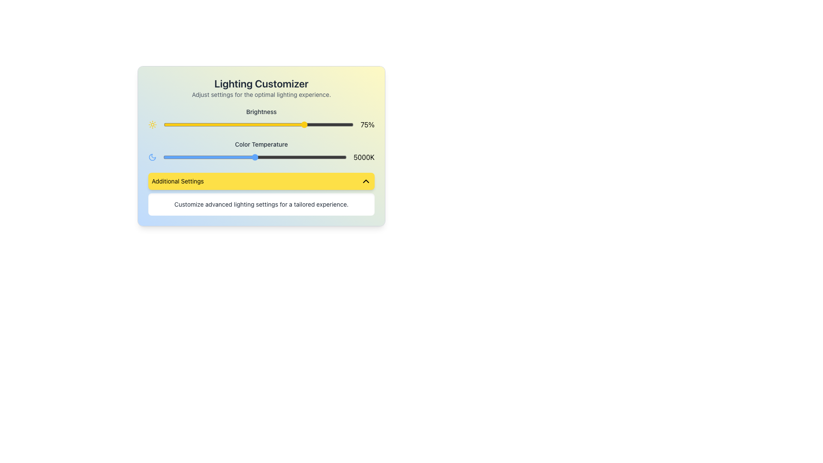 Image resolution: width=823 pixels, height=463 pixels. What do you see at coordinates (287, 124) in the screenshot?
I see `the brightness level` at bounding box center [287, 124].